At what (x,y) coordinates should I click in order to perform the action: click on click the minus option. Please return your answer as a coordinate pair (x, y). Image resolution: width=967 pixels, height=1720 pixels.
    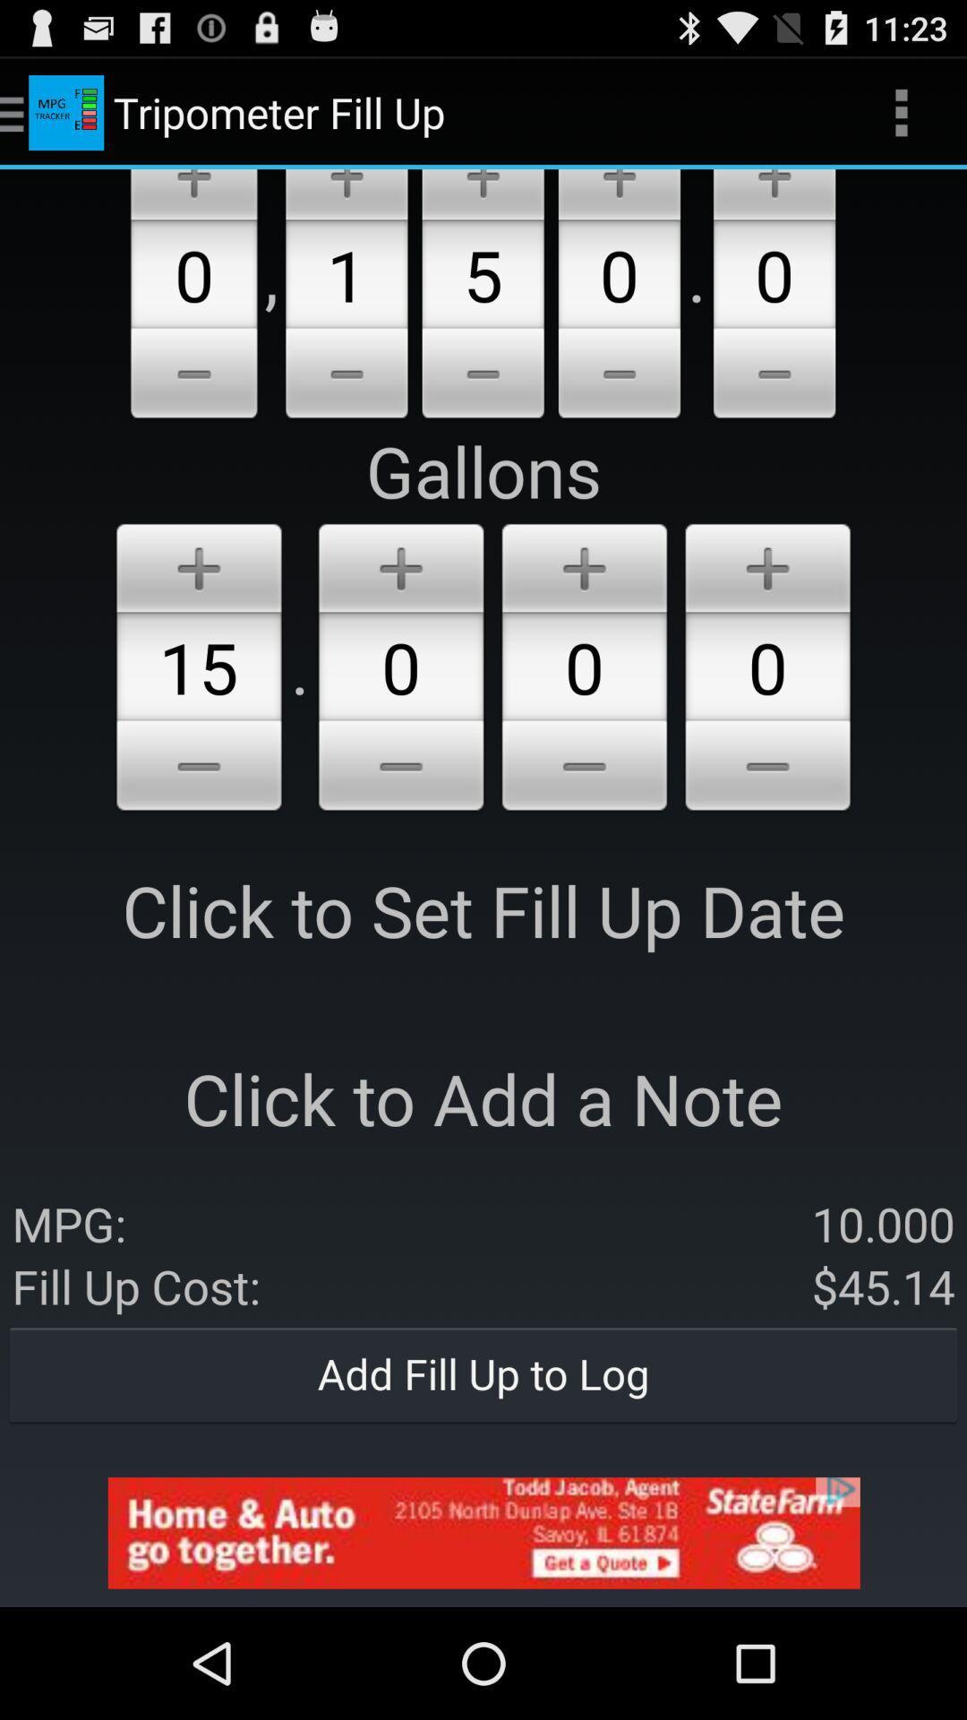
    Looking at the image, I should click on (774, 375).